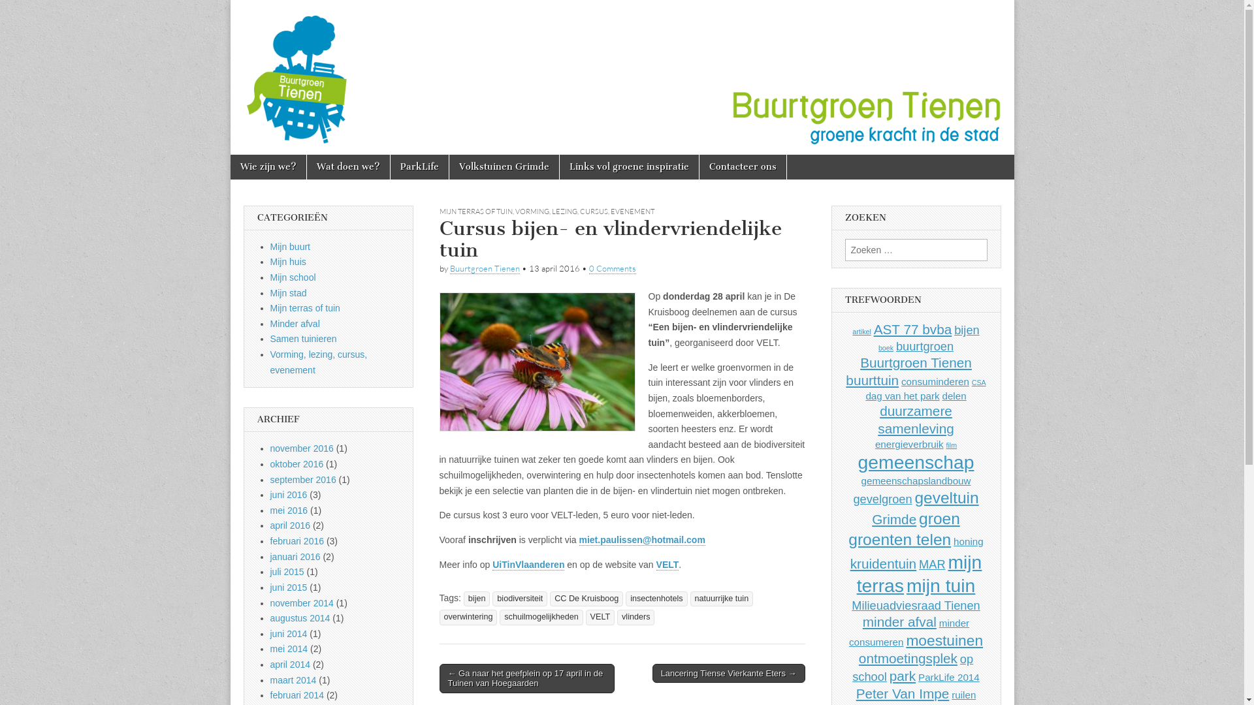 This screenshot has height=705, width=1254. Describe the element at coordinates (963, 694) in the screenshot. I see `'ruilen'` at that location.